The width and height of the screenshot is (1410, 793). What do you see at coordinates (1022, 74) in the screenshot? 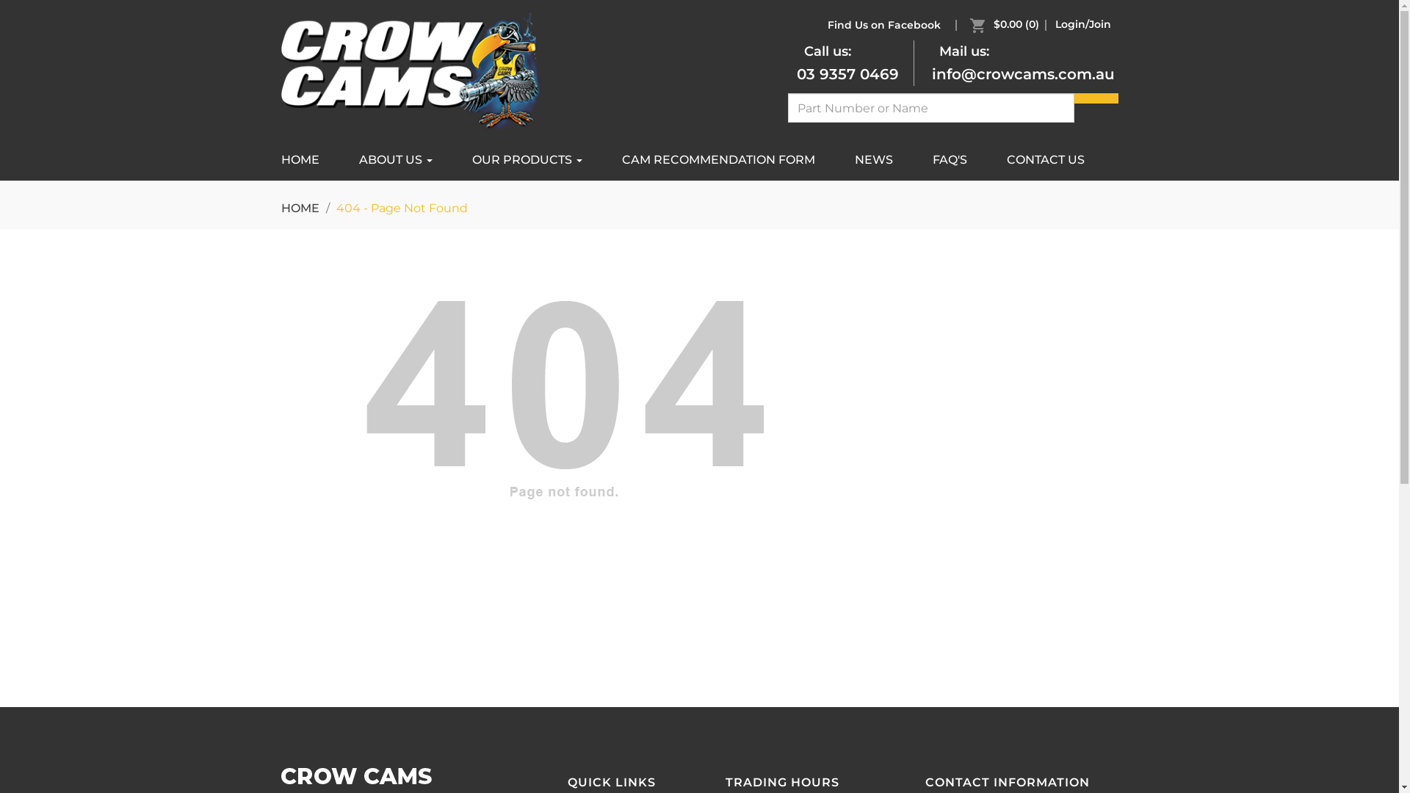
I see `'info@crowcams.com.au'` at bounding box center [1022, 74].